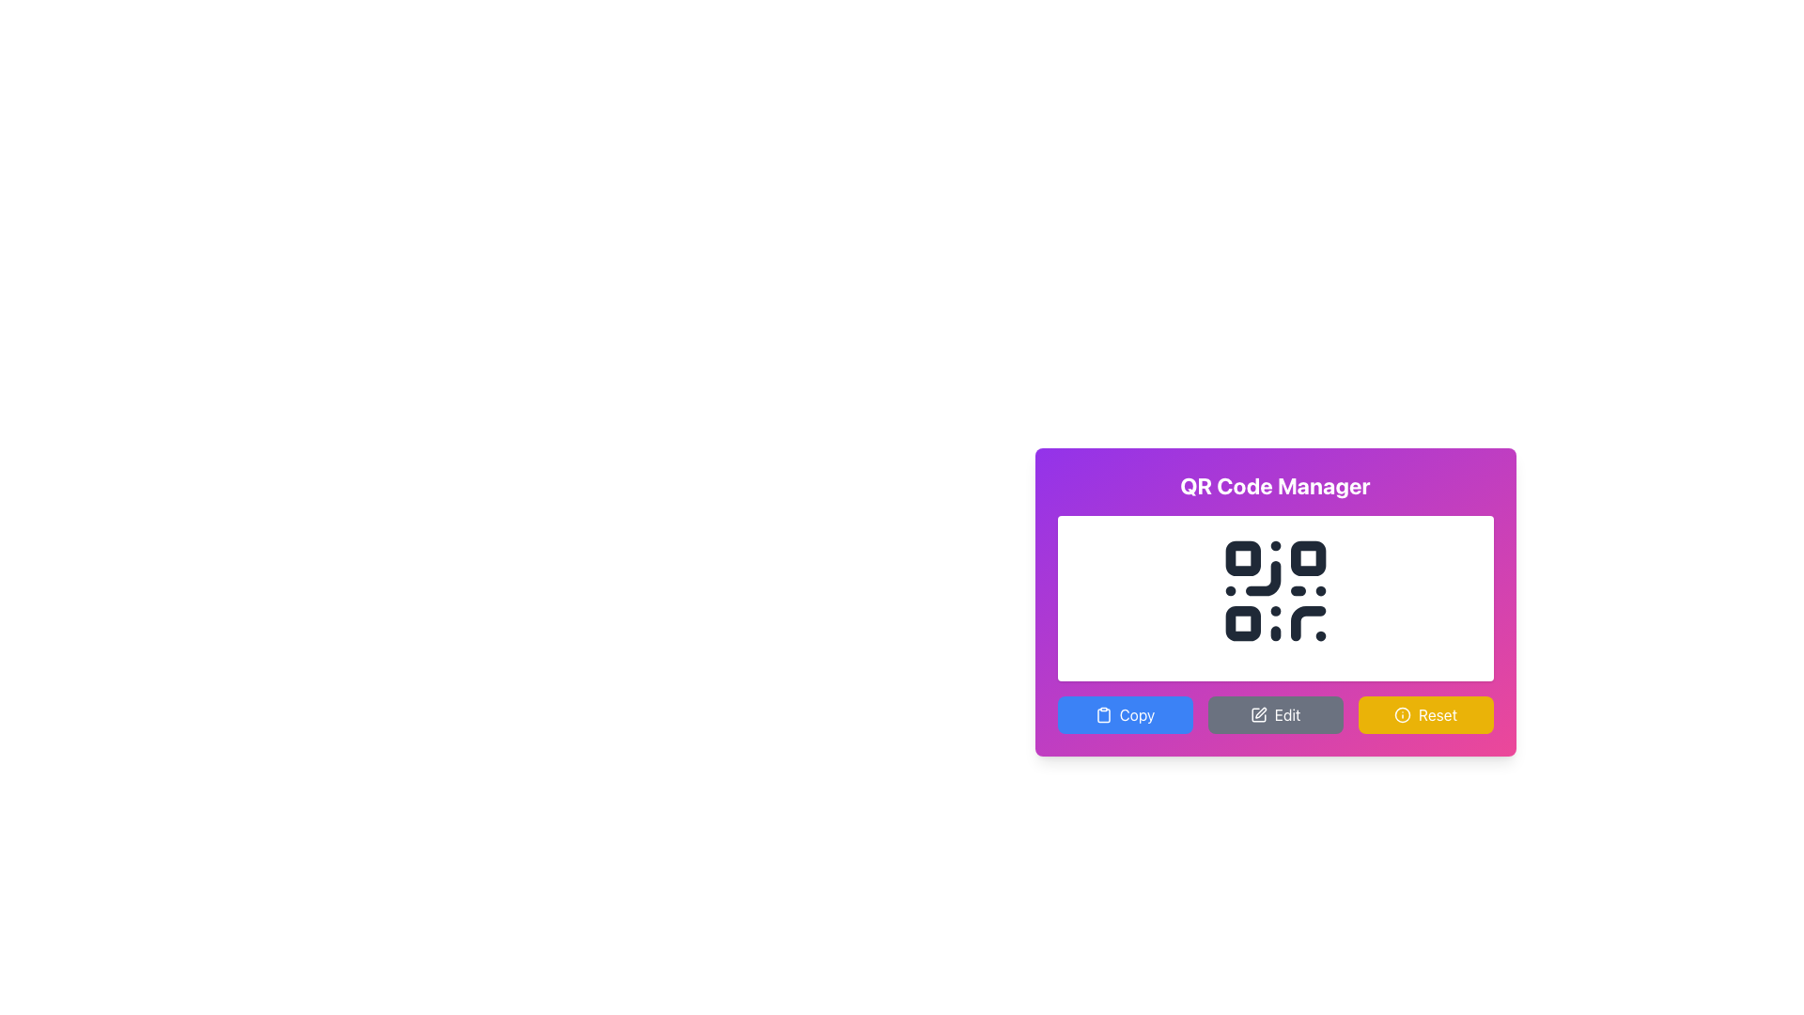 The image size is (1804, 1015). What do you see at coordinates (1275, 589) in the screenshot?
I see `the QR code graphic, which is a black and white structured design centered within the 'QR Code Manager' card, featuring a purple header` at bounding box center [1275, 589].